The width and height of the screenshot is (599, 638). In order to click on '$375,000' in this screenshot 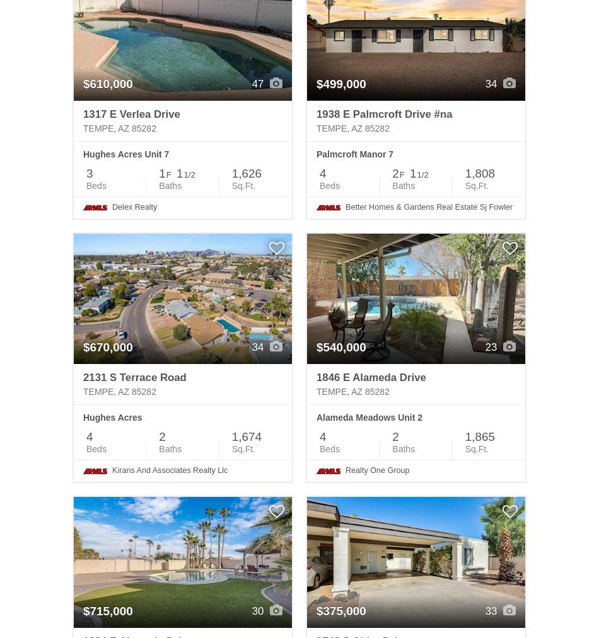, I will do `click(341, 610)`.